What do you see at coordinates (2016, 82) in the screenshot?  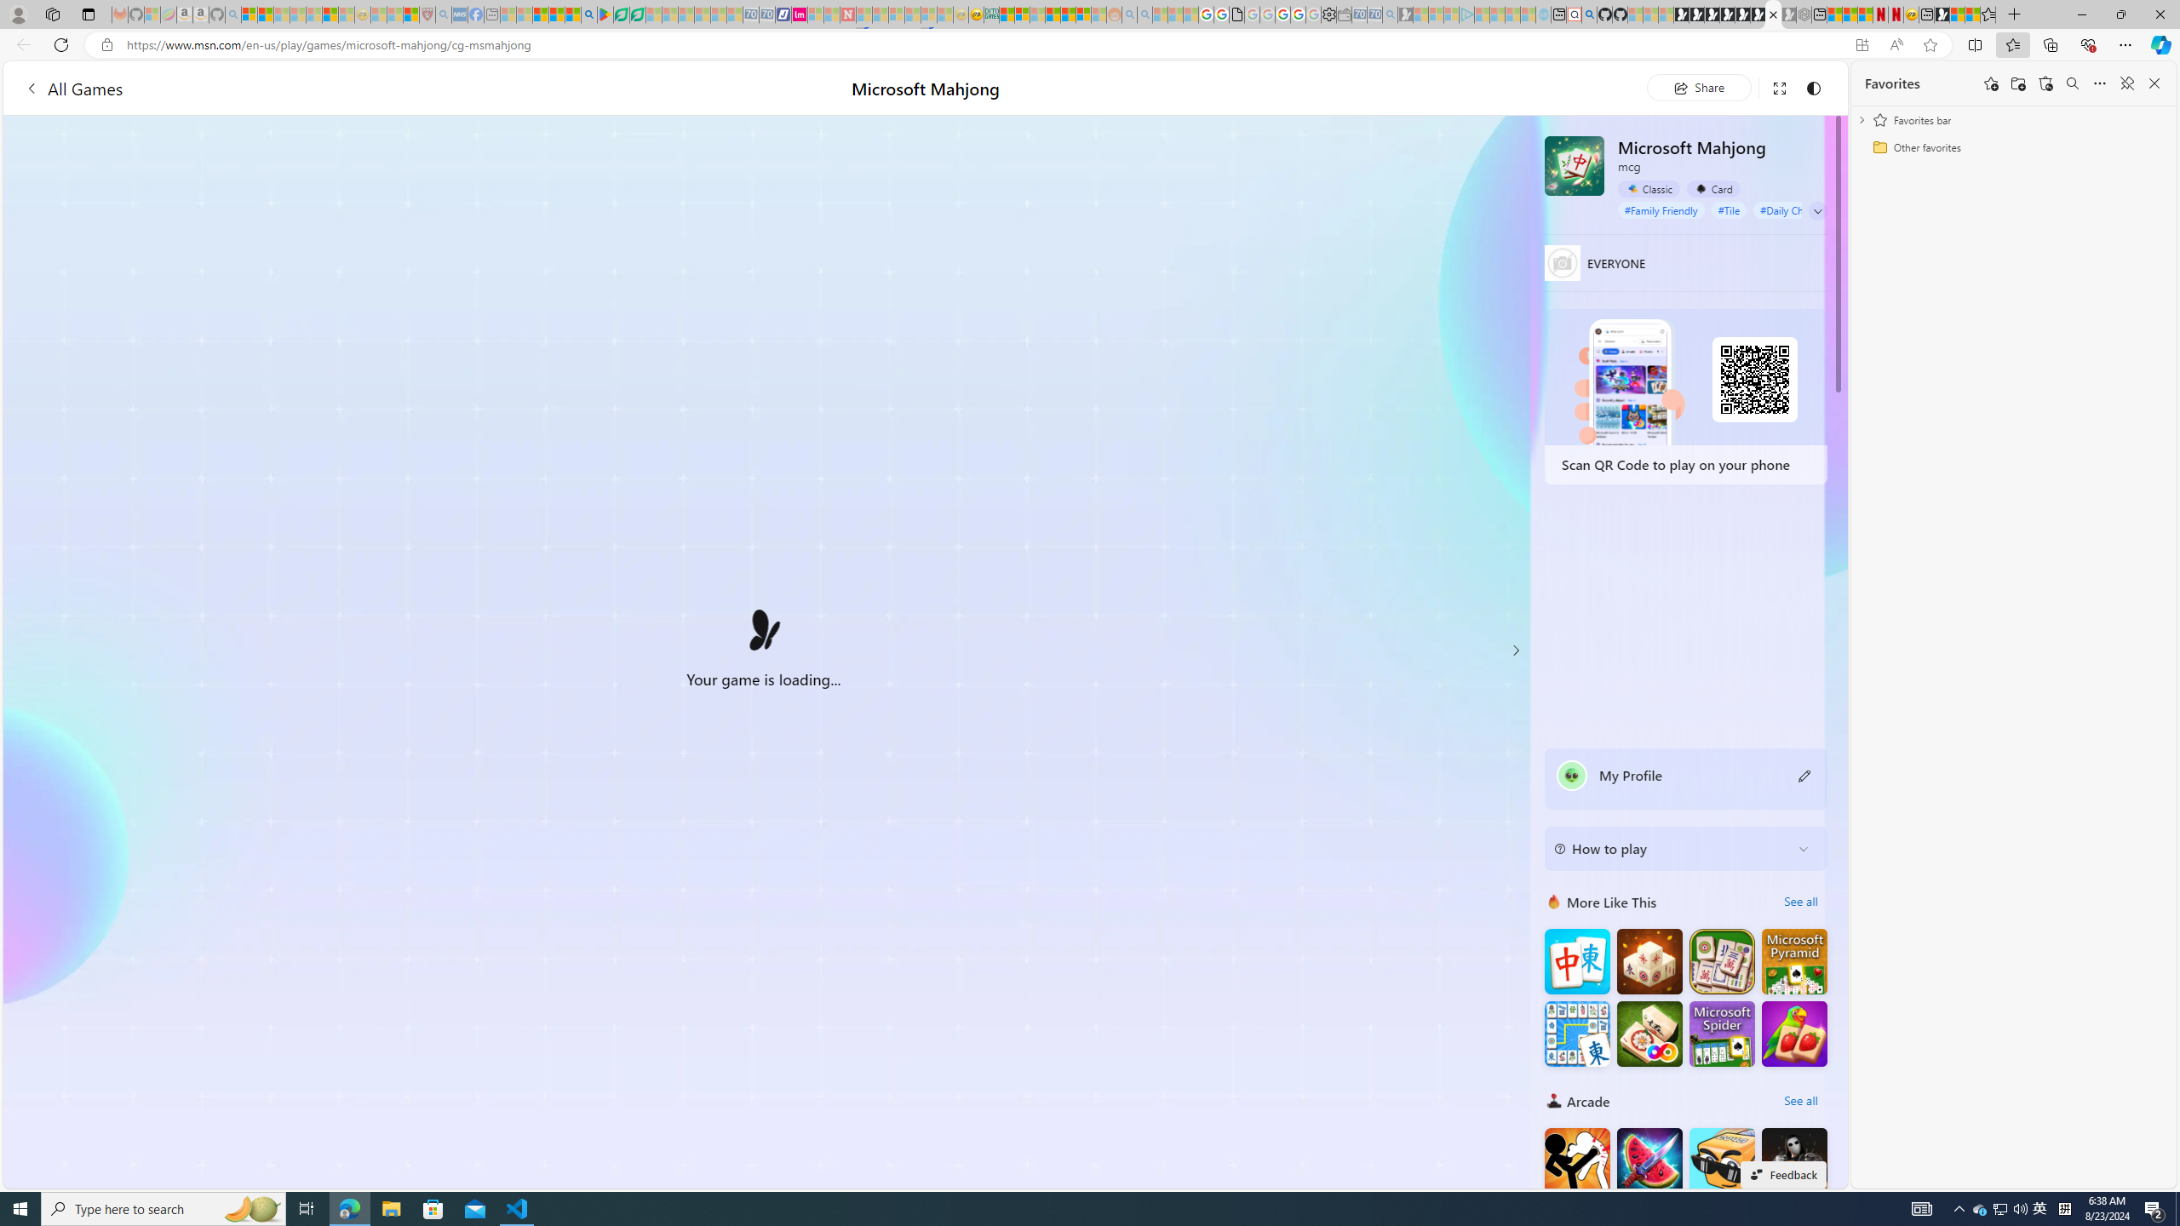 I see `'Add folder'` at bounding box center [2016, 82].